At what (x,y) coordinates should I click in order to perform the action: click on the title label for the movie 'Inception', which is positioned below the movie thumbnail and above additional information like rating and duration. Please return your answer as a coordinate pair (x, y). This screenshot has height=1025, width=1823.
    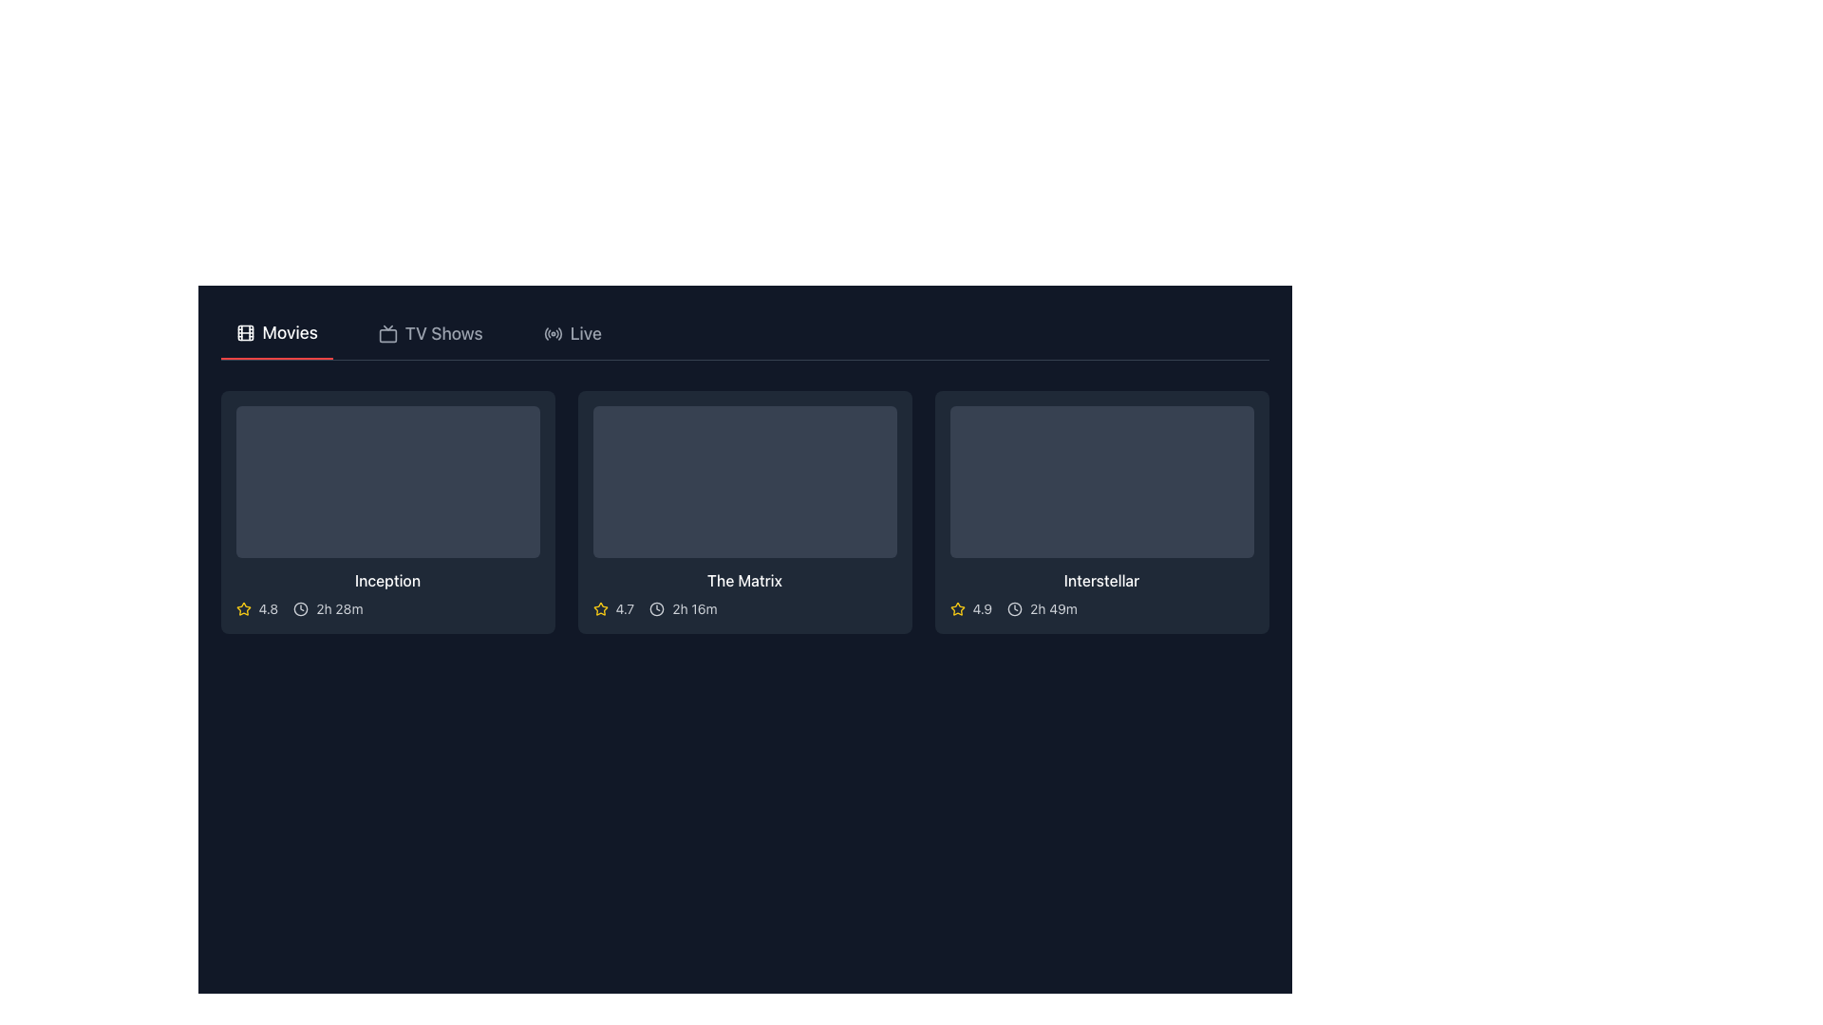
    Looking at the image, I should click on (386, 580).